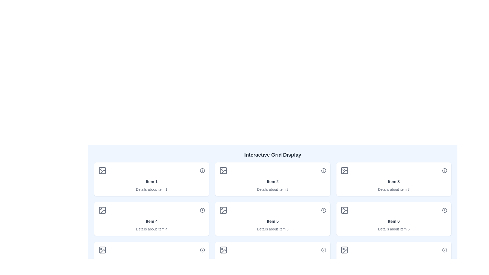  Describe the element at coordinates (272, 189) in the screenshot. I see `text label providing supplementary information about 'Item 2', located directly below the bold title in the second column of the top row of a 3x2 grid layout` at that location.